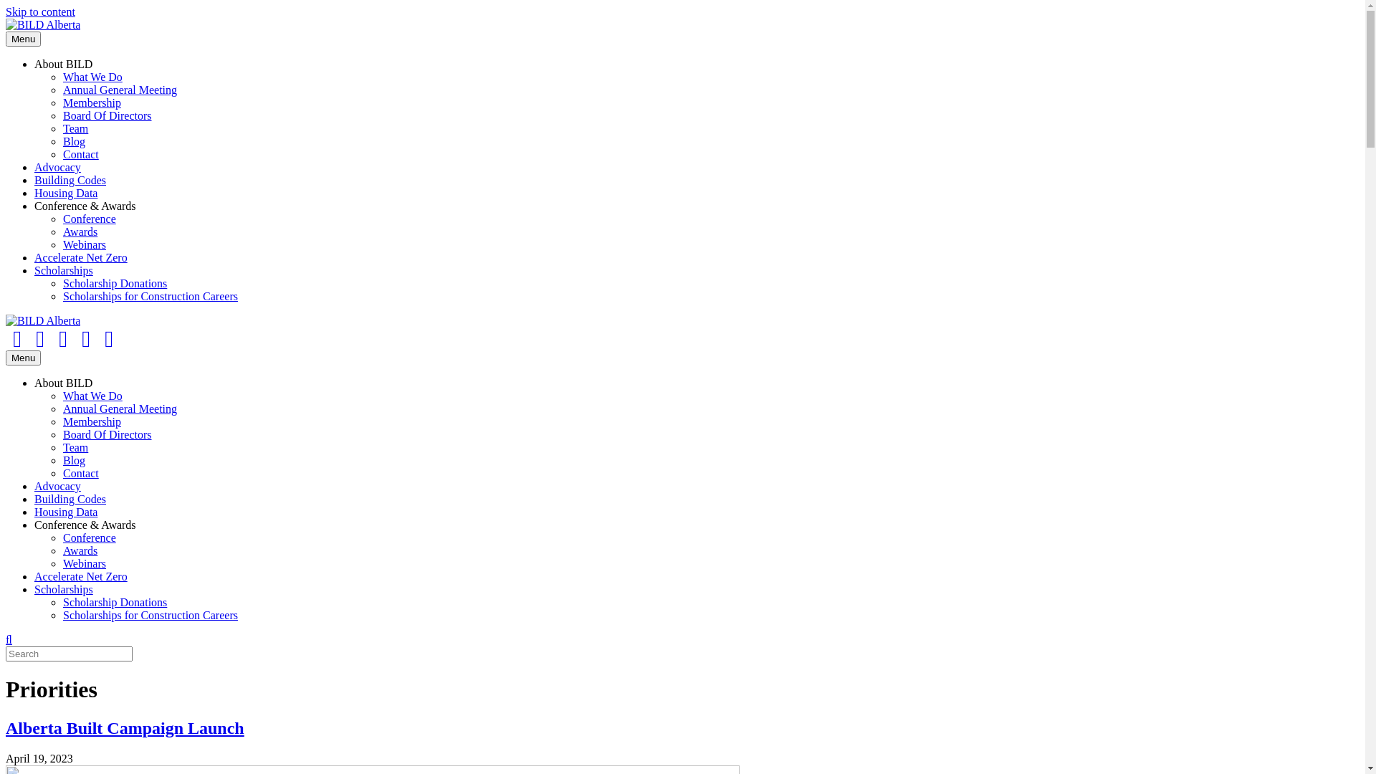 This screenshot has width=1376, height=774. I want to click on 'What We Do', so click(62, 396).